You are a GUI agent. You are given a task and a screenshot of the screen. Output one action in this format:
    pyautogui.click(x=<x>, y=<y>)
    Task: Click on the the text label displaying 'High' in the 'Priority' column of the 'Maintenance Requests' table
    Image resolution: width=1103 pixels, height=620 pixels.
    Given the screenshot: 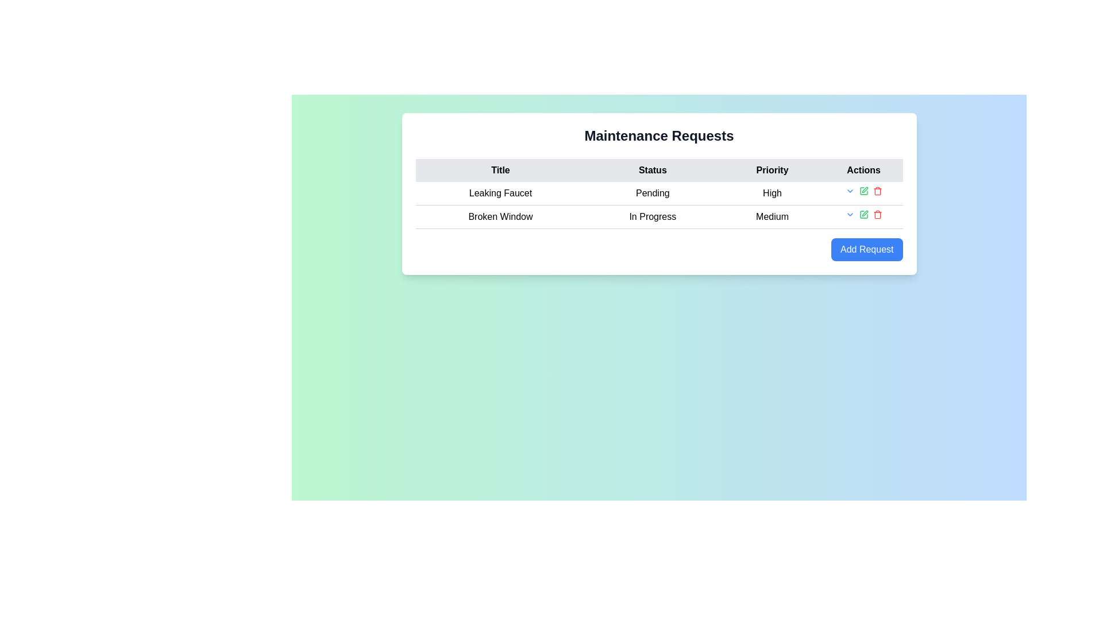 What is the action you would take?
    pyautogui.click(x=772, y=193)
    